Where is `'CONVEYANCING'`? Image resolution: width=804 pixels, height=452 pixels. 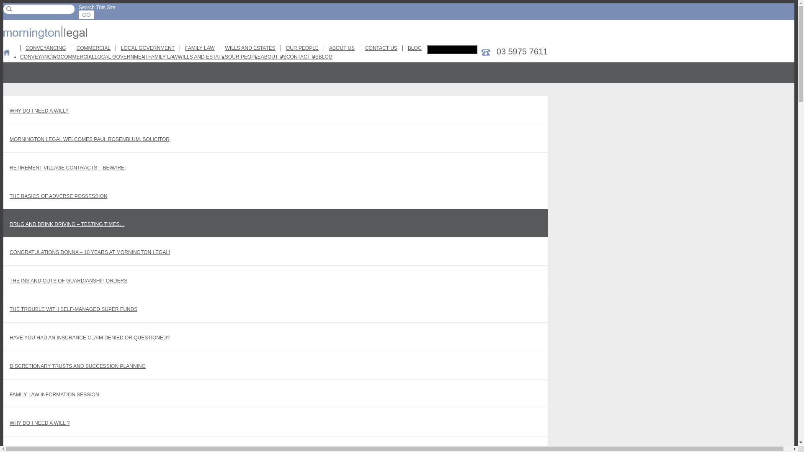 'CONVEYANCING' is located at coordinates (20, 48).